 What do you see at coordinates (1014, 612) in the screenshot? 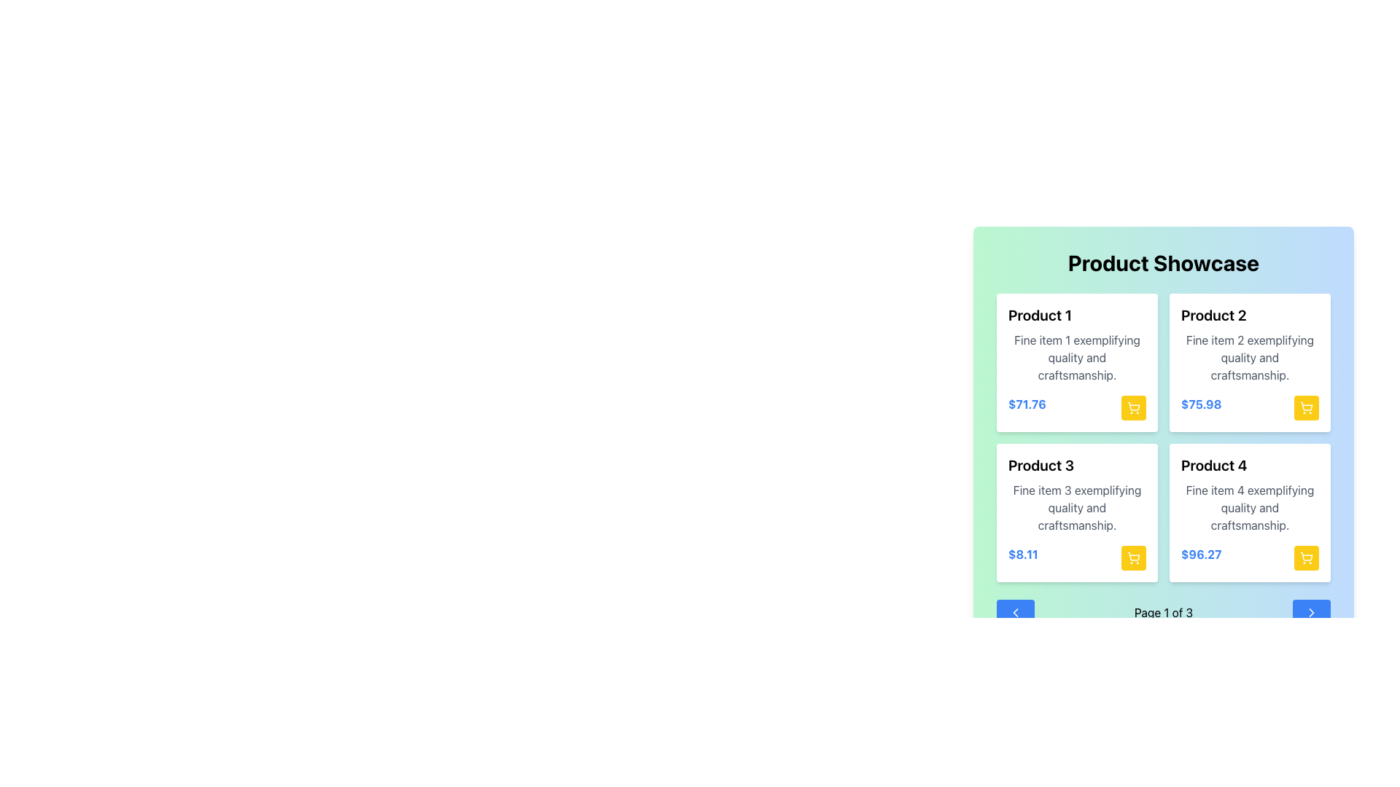
I see `the leftward-pointing chevron icon inside the blue rounded rectangular button` at bounding box center [1014, 612].